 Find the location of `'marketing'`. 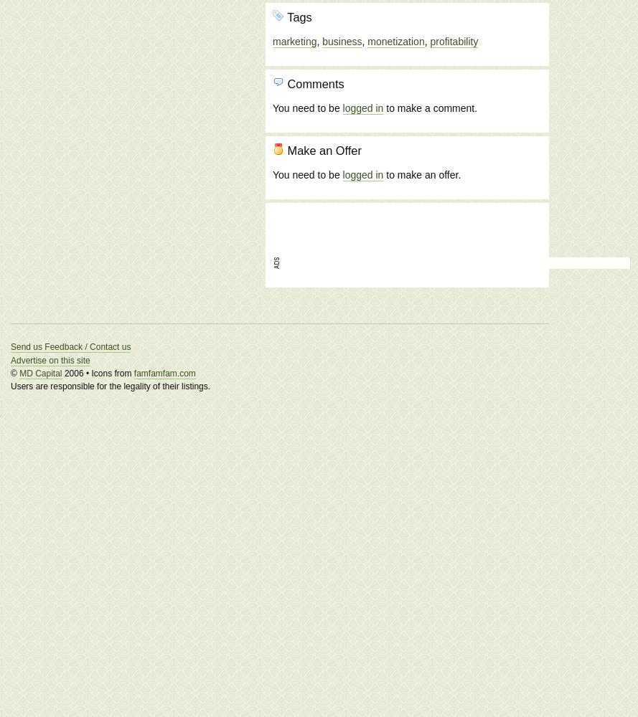

'marketing' is located at coordinates (294, 41).